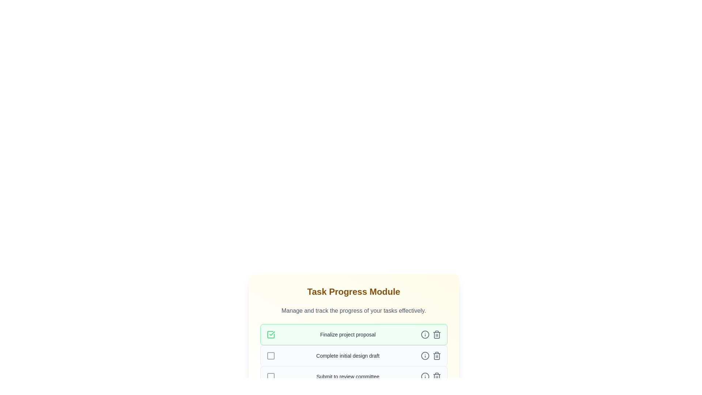 The height and width of the screenshot is (395, 702). Describe the element at coordinates (347, 334) in the screenshot. I see `the first task label in the Task Progress Module, which is visually distinct by its green border and background, to interact with surrounding elements` at that location.